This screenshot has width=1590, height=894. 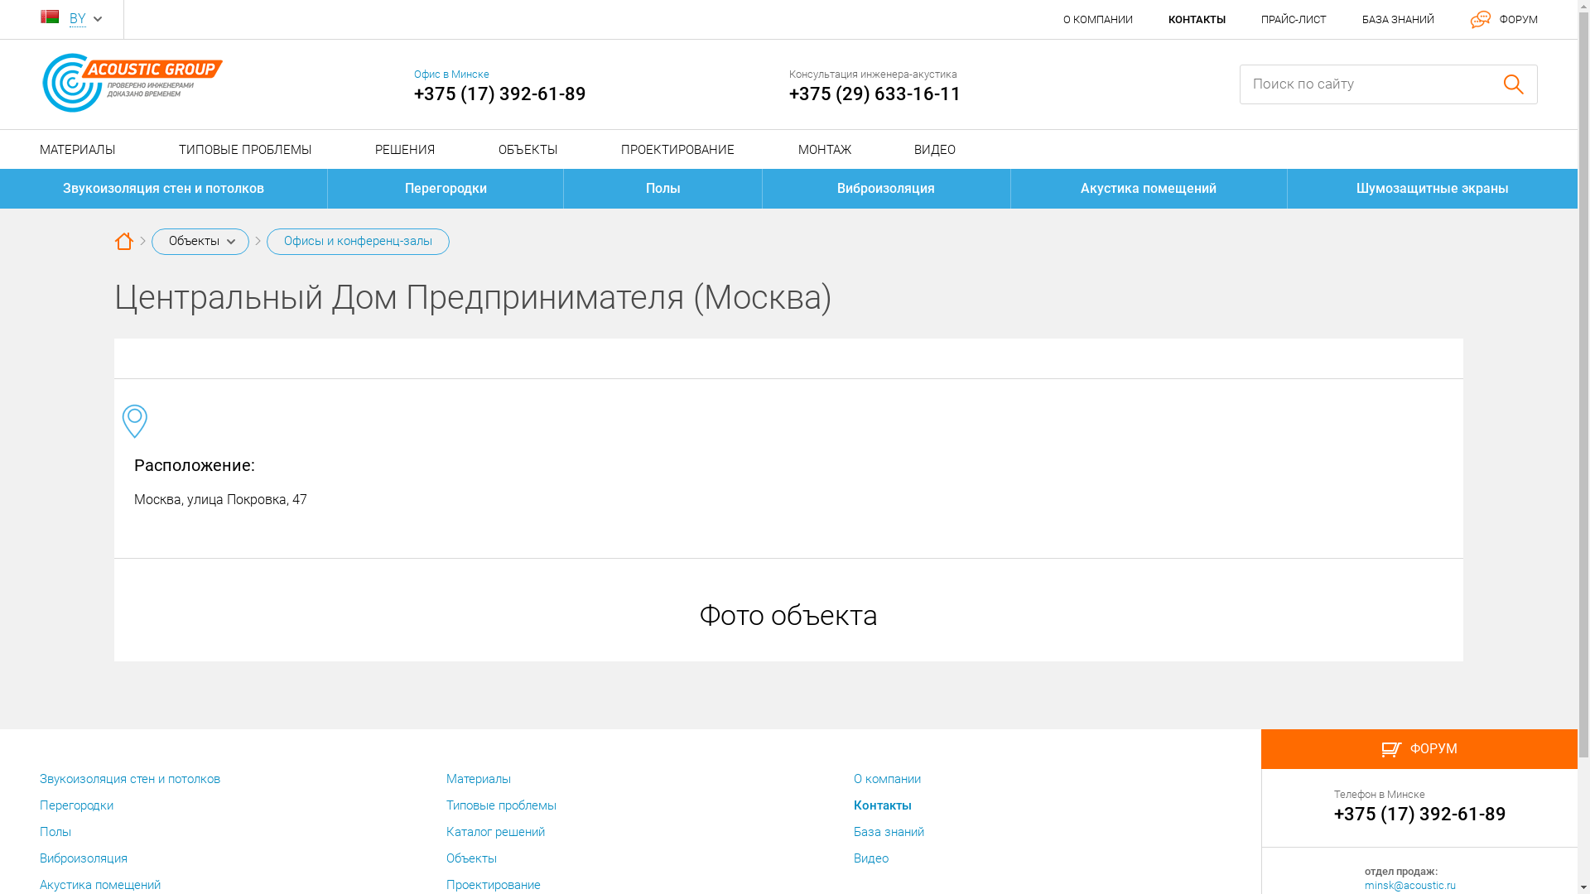 I want to click on 'minsk@acoustic.ru', so click(x=1409, y=884).